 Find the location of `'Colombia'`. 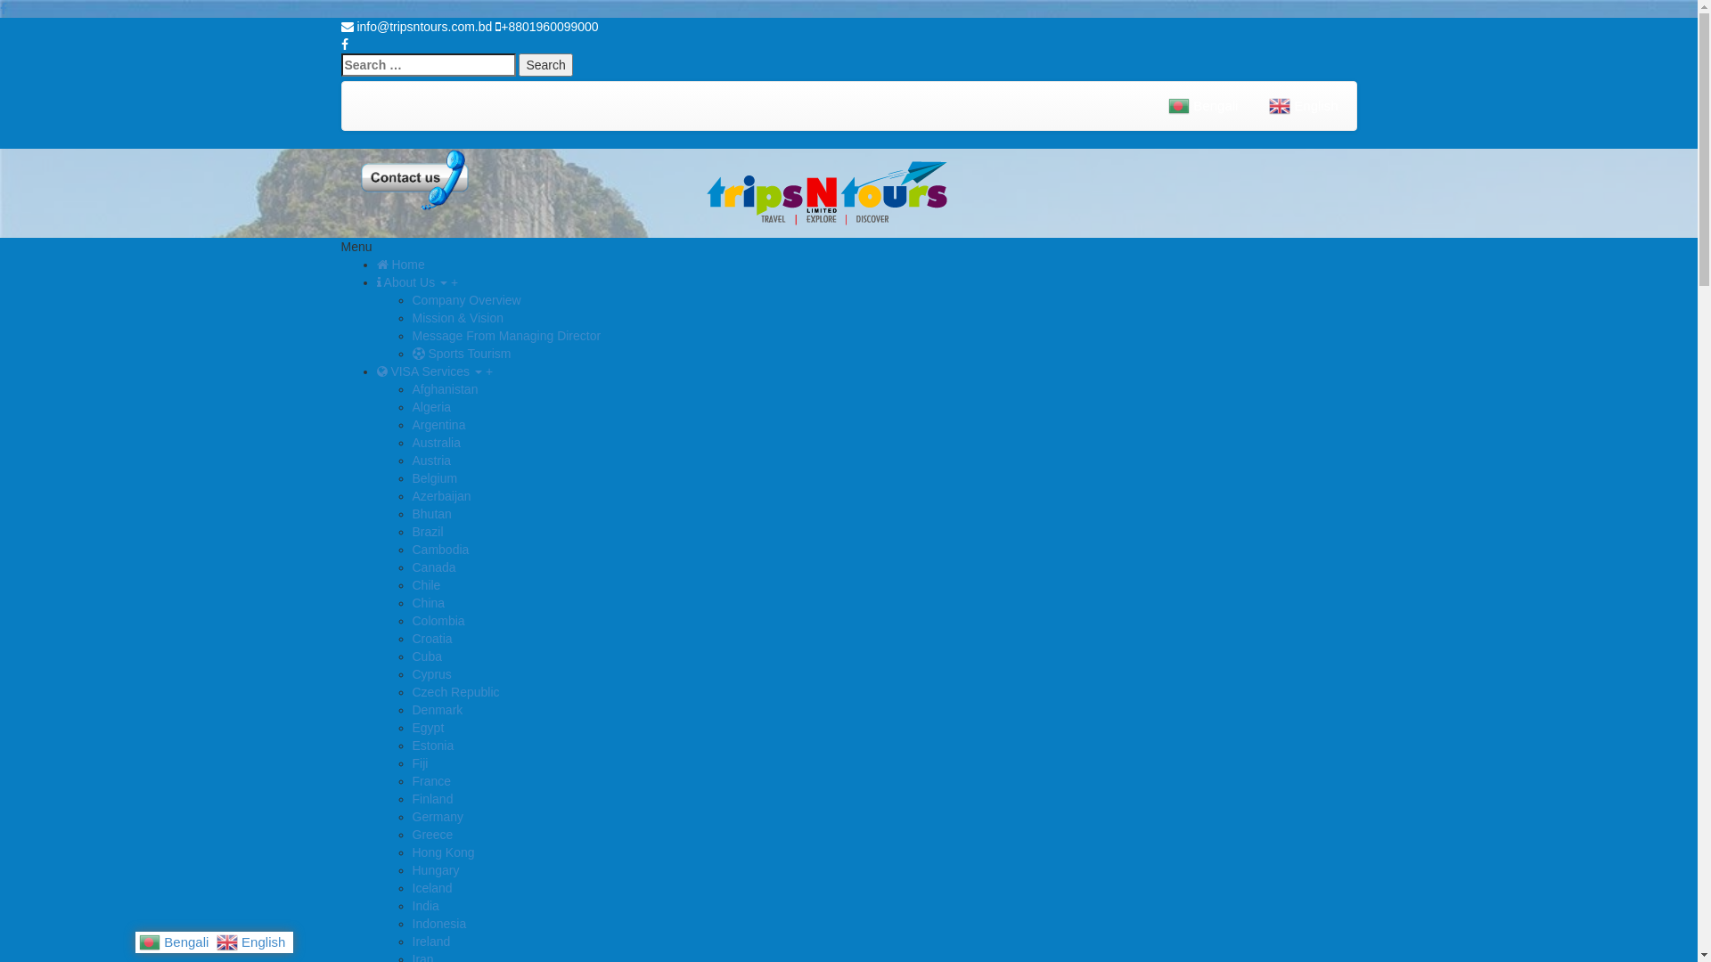

'Colombia' is located at coordinates (438, 620).